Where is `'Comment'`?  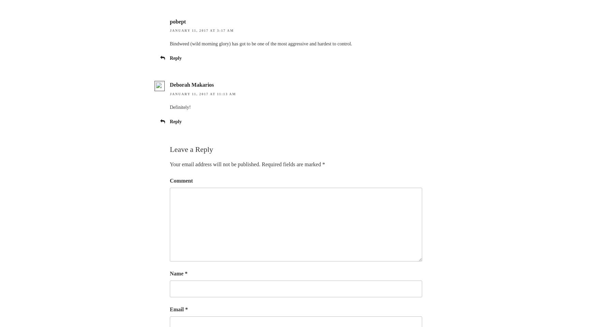 'Comment' is located at coordinates (181, 180).